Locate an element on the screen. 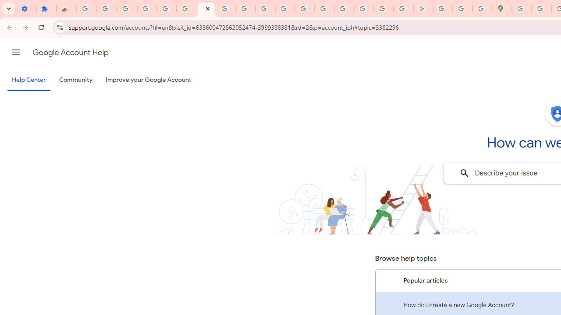 The height and width of the screenshot is (315, 561). 'Settings - On startup' is located at coordinates (26, 9).